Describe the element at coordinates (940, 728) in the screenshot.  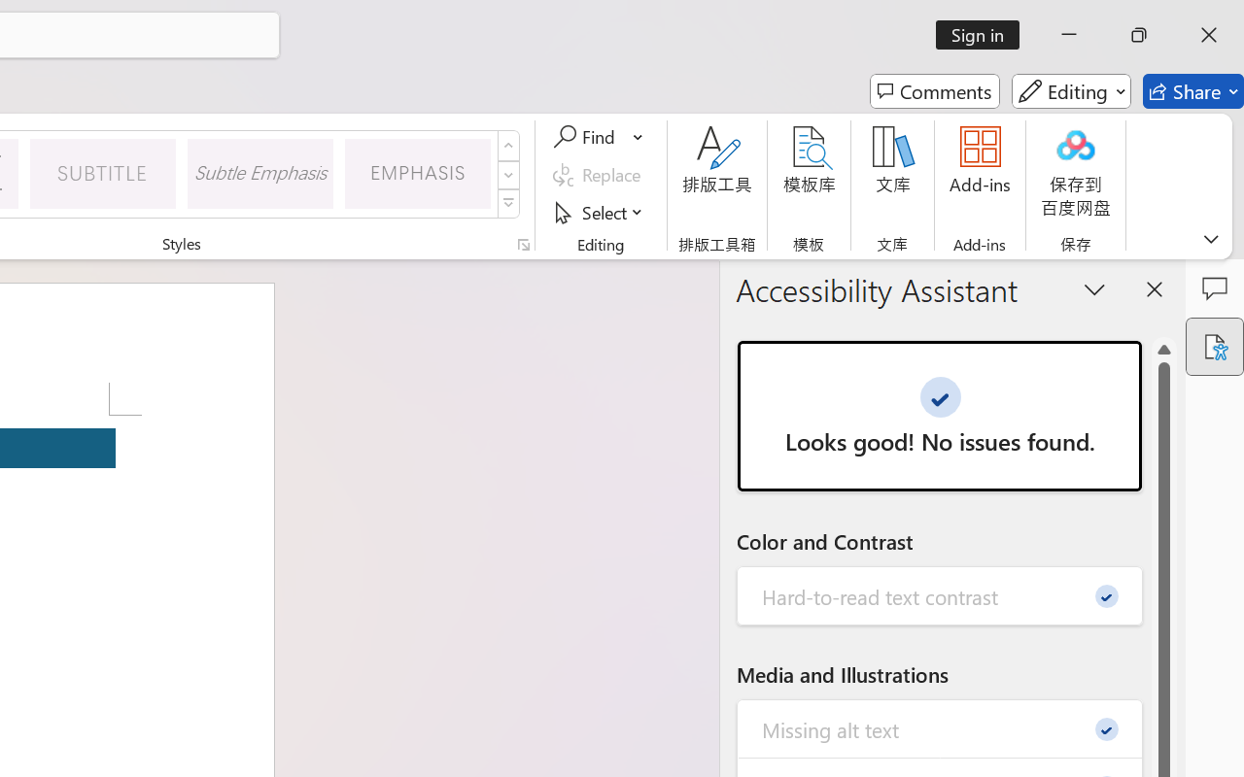
I see `'Missing alt text - 0'` at that location.